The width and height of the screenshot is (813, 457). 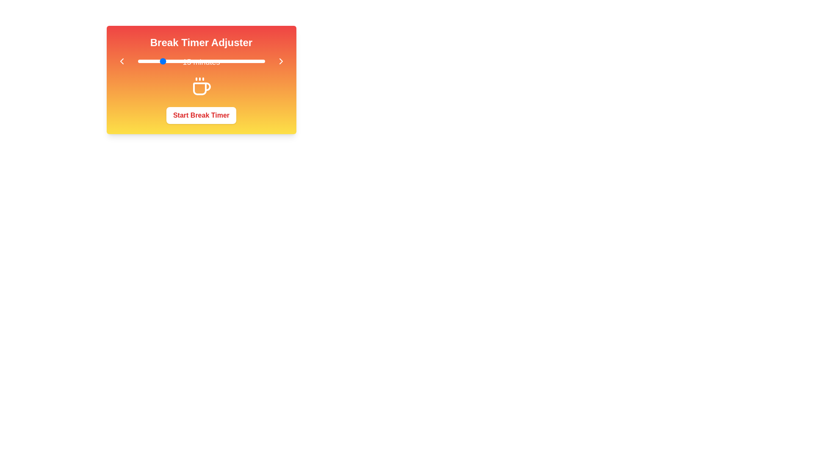 I want to click on the slider to set the break duration to 48 minutes, so click(x=237, y=61).